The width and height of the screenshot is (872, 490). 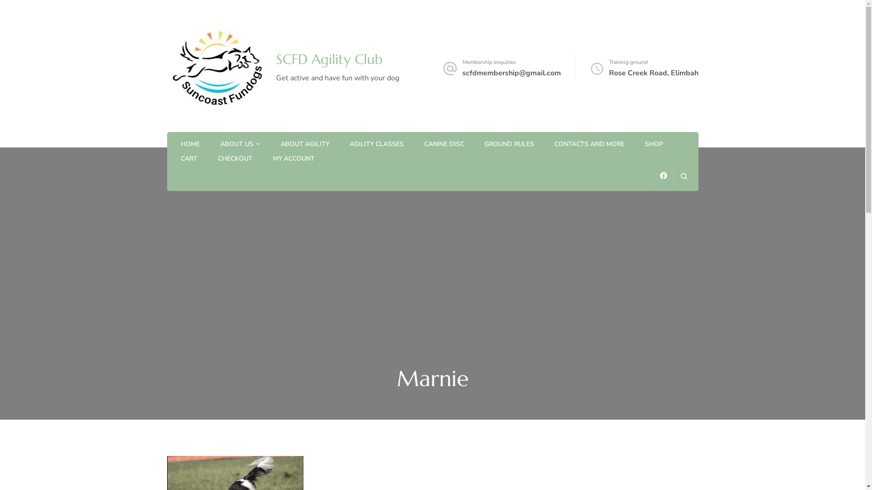 What do you see at coordinates (444, 144) in the screenshot?
I see `'CANINE DISC'` at bounding box center [444, 144].